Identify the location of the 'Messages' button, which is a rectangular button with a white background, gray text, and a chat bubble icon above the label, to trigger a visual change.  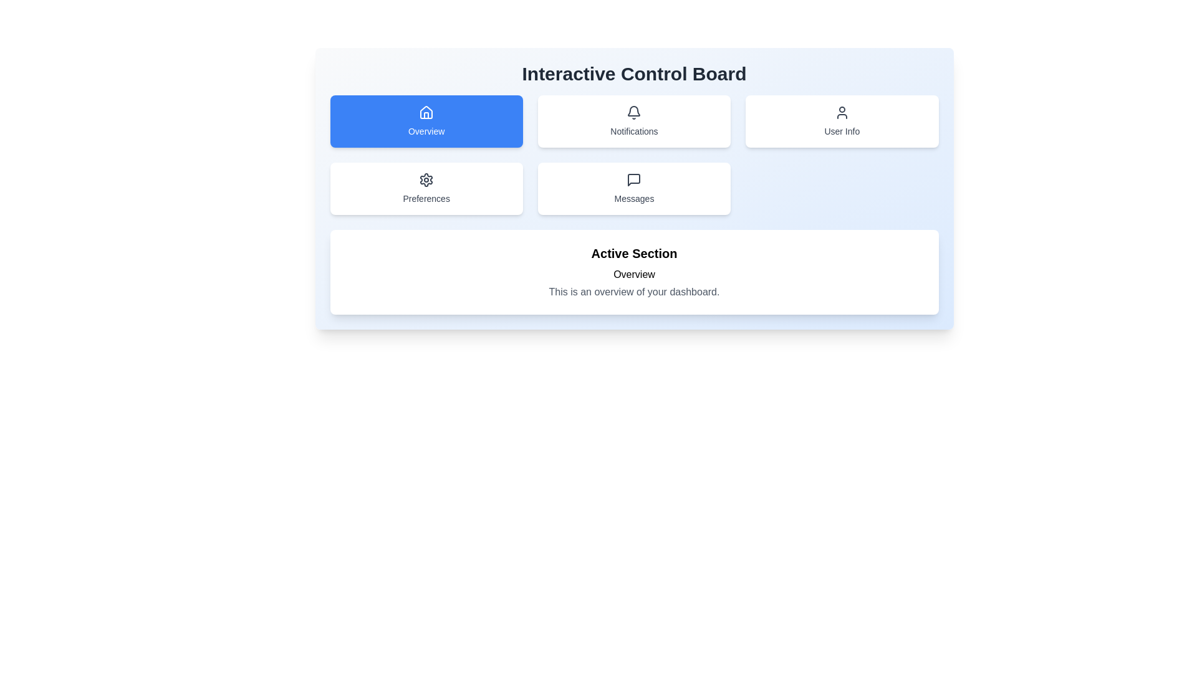
(634, 189).